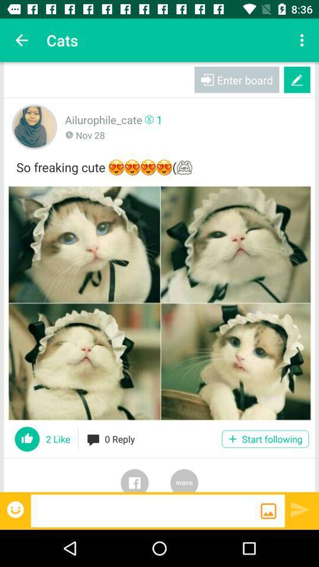 This screenshot has height=567, width=319. I want to click on send message, so click(300, 509).